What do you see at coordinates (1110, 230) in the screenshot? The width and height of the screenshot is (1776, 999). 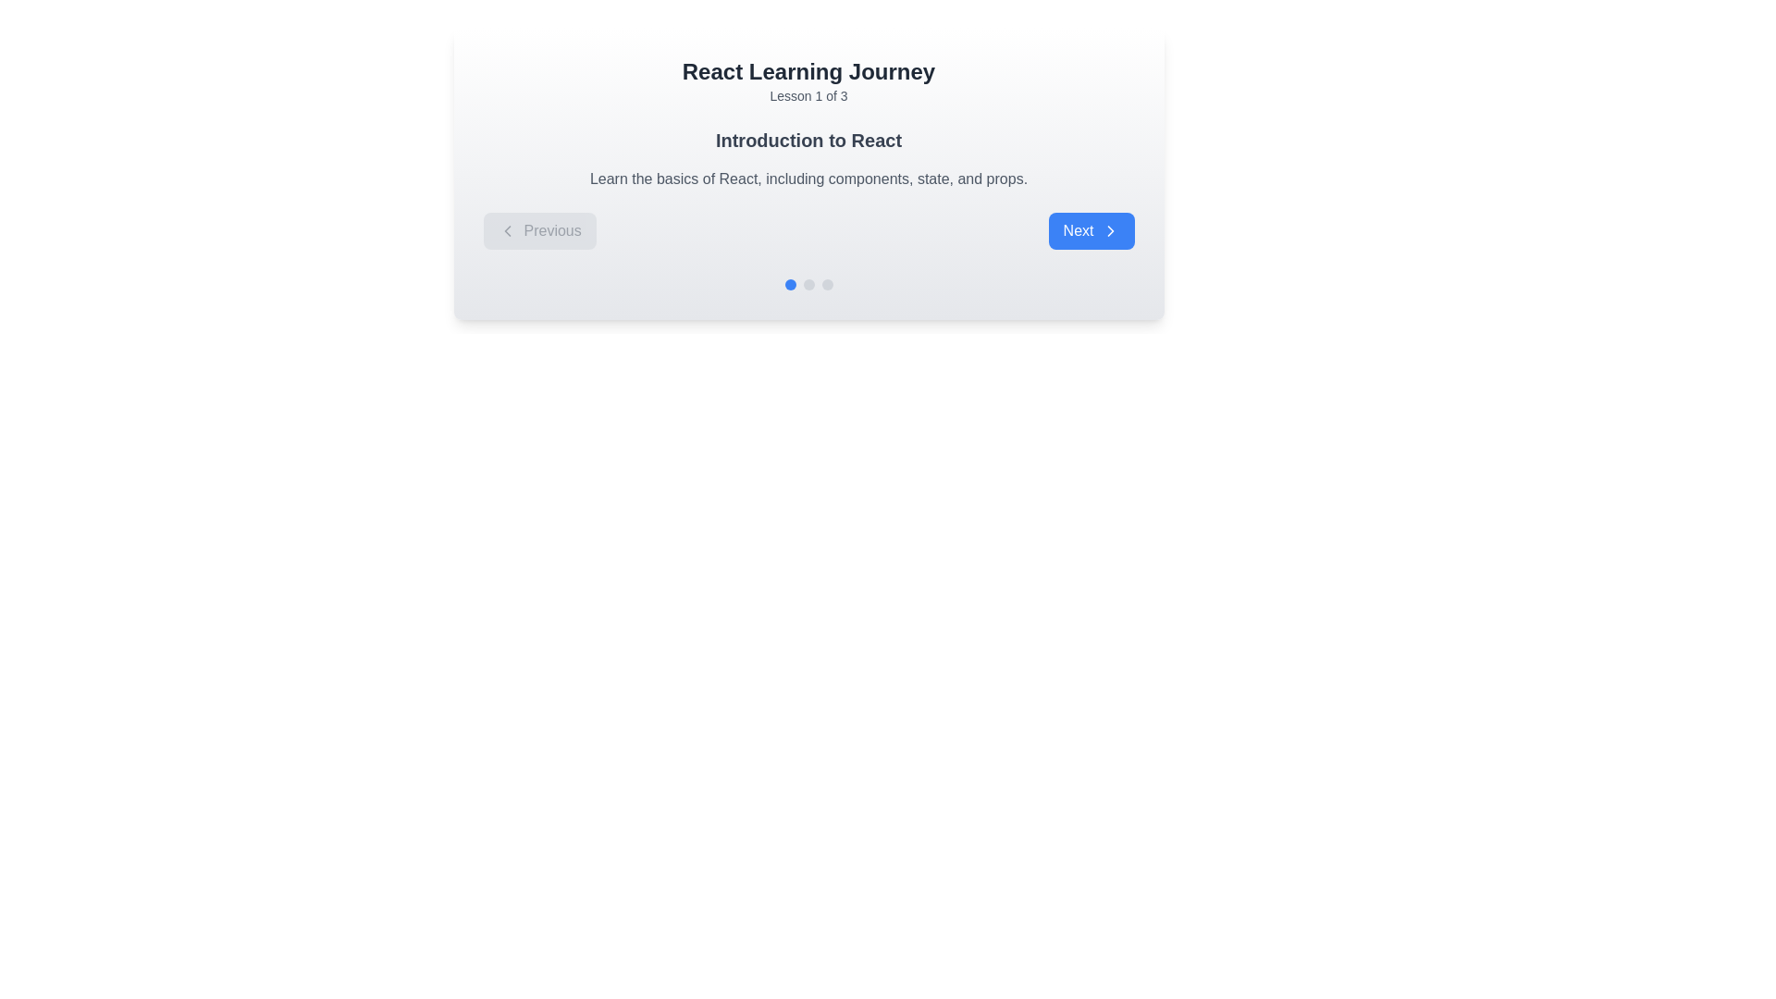 I see `the 'Next' action icon located at the right side of the 'Next' button in the bottom-right corner of the card-like component` at bounding box center [1110, 230].